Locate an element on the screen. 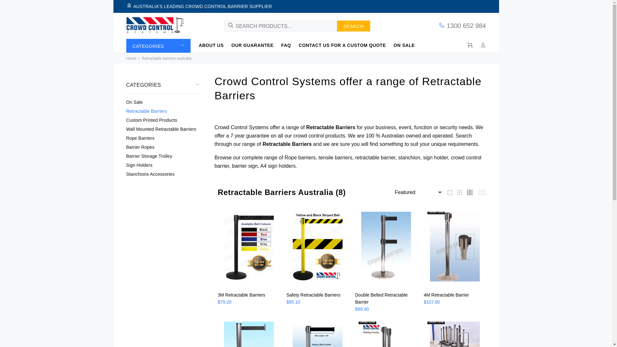 The image size is (617, 347). 'FAQ' is located at coordinates (277, 45).